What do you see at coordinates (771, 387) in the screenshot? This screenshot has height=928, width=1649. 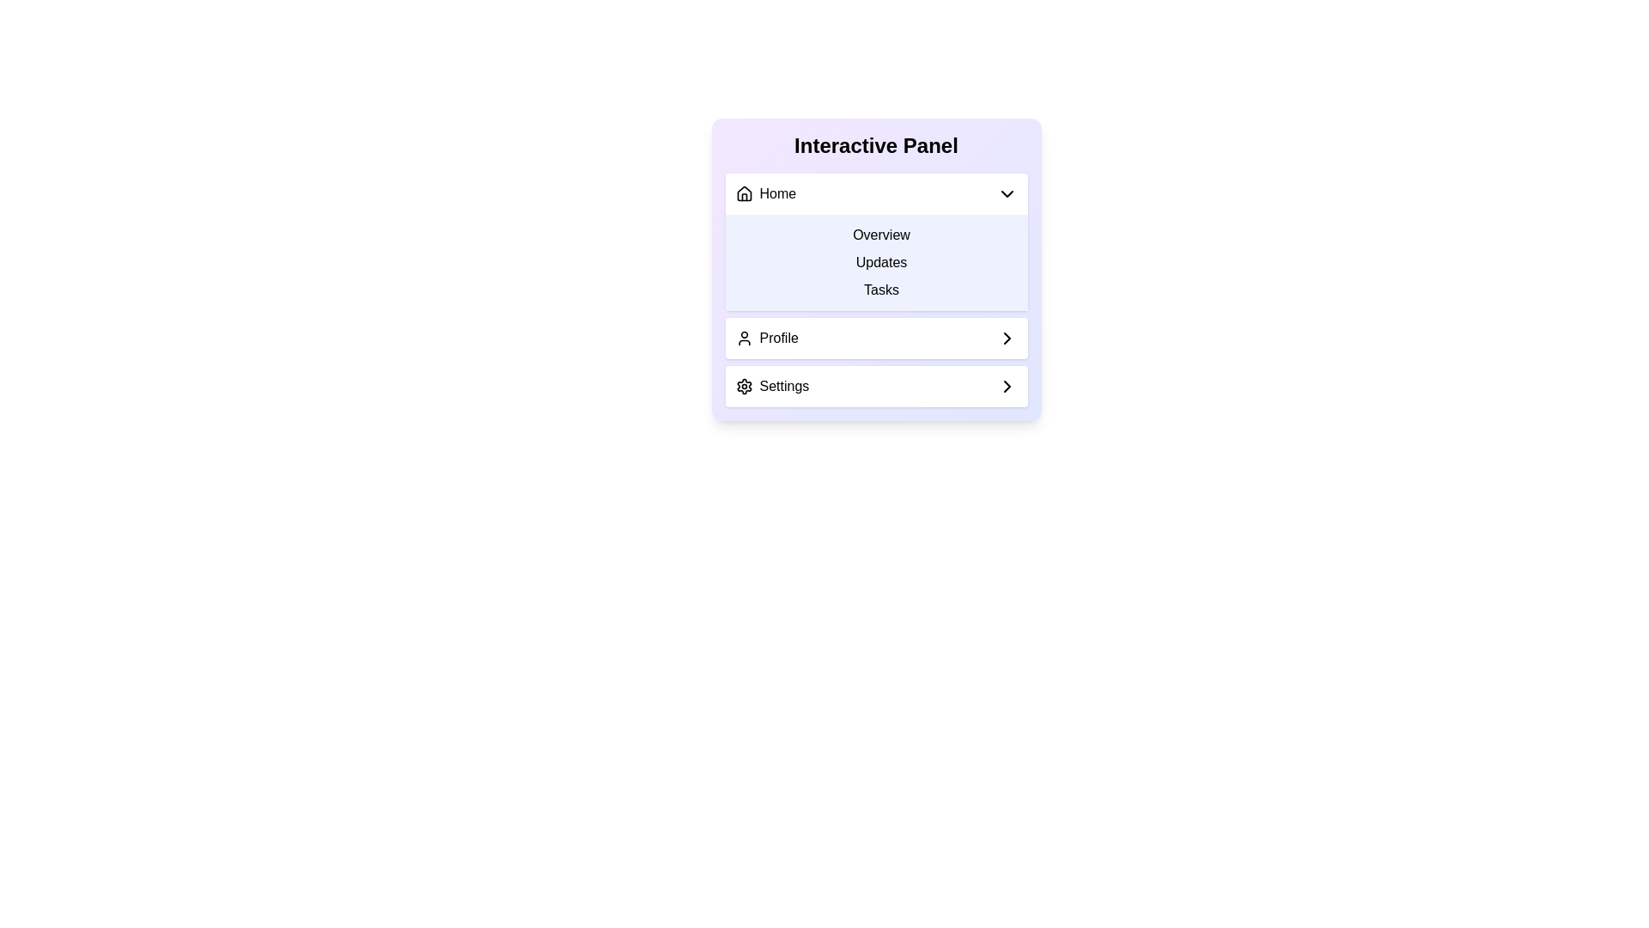 I see `the 'Settings' text label with the gear icon in the 'Interactive Panel'` at bounding box center [771, 387].